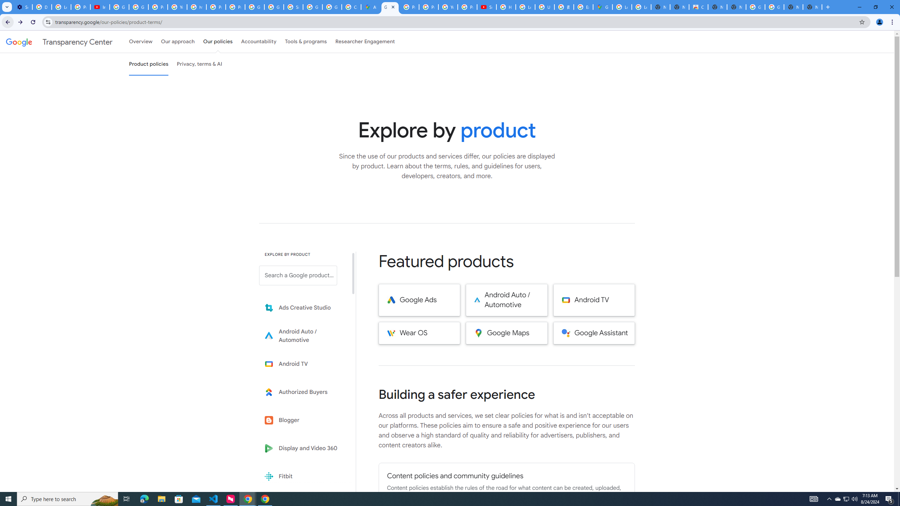 The width and height of the screenshot is (900, 506). Describe the element at coordinates (100, 7) in the screenshot. I see `'Introduction | Google Privacy Policy - YouTube'` at that location.